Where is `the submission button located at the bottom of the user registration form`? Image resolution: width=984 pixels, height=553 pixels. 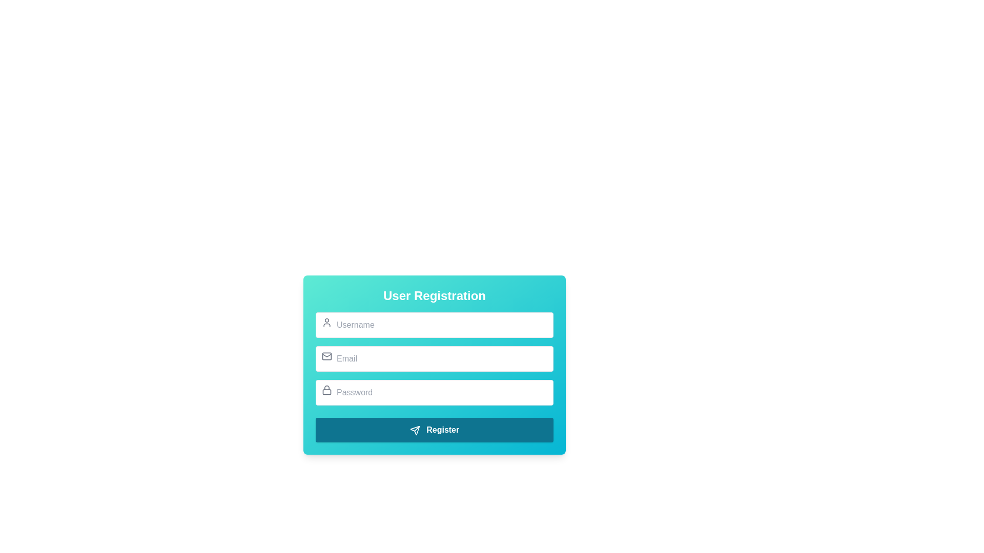 the submission button located at the bottom of the user registration form is located at coordinates (435, 430).